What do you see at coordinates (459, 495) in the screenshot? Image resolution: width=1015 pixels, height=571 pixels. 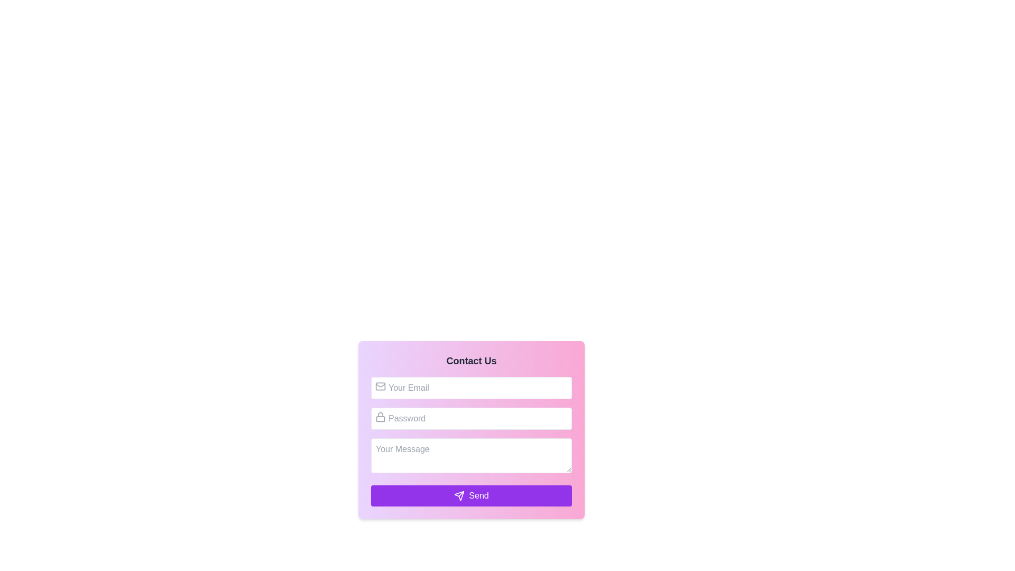 I see `the decorative icon located inside the purple 'Send' button at the bottom of the form to initiate the sending action` at bounding box center [459, 495].